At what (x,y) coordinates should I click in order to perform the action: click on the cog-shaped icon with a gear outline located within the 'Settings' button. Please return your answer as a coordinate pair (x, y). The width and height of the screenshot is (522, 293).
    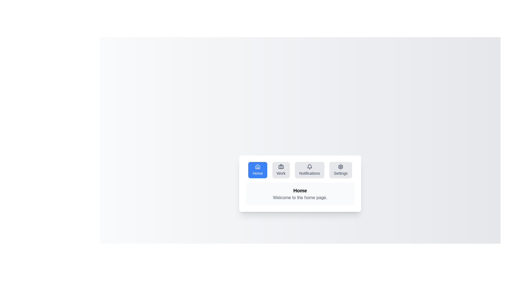
    Looking at the image, I should click on (340, 166).